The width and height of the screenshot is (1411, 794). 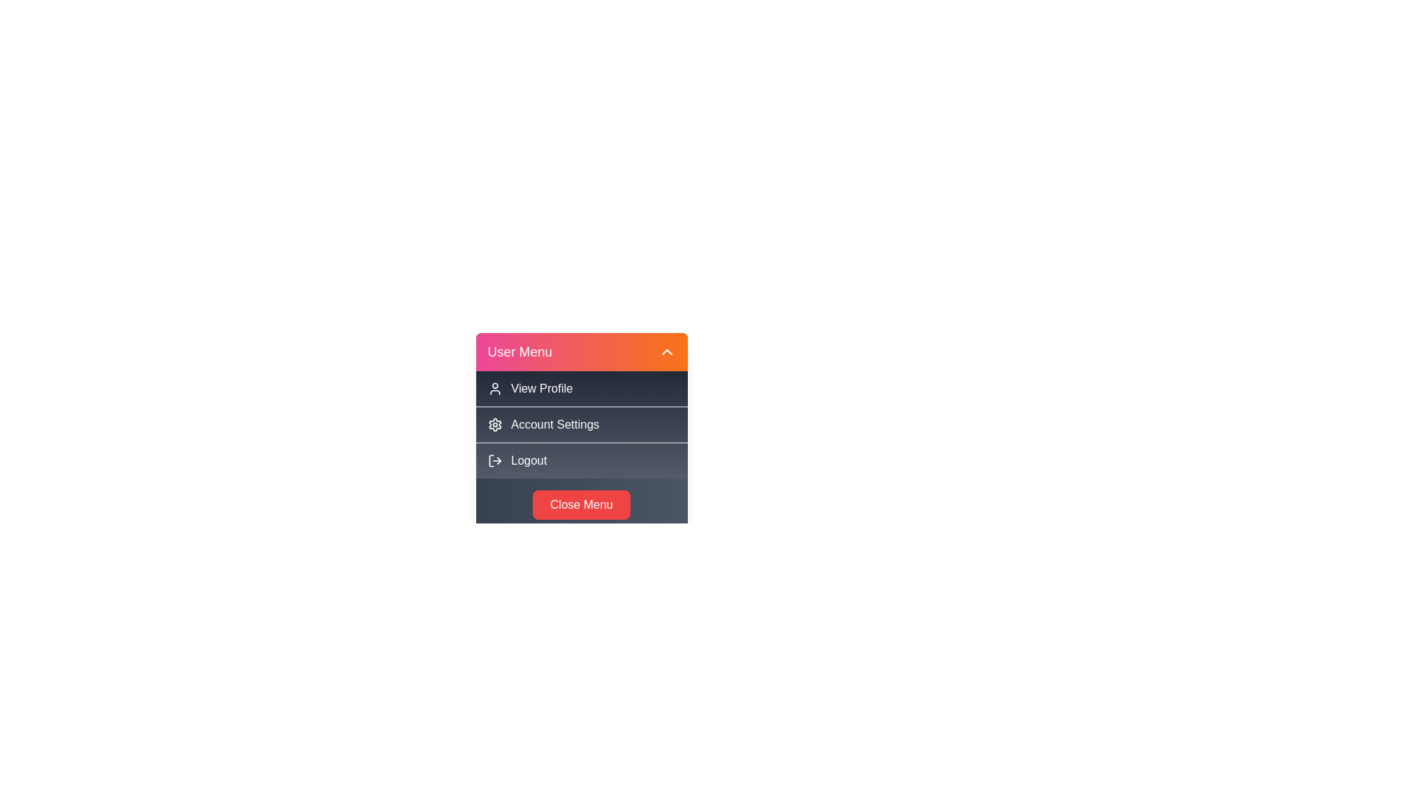 I want to click on the 'View Profile' option in the menu, so click(x=581, y=387).